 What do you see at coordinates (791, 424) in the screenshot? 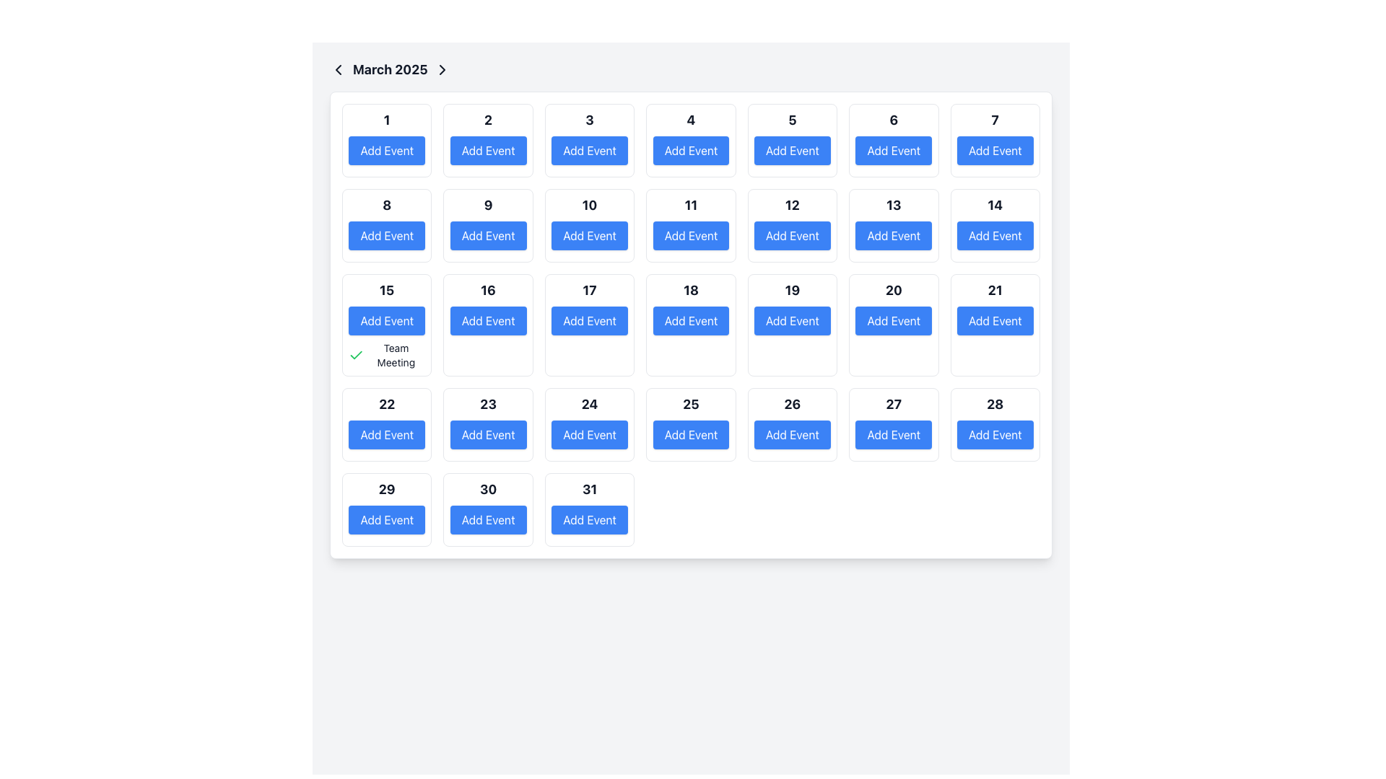
I see `the 'Add Event' button located below the number '26' in the grid layout` at bounding box center [791, 424].